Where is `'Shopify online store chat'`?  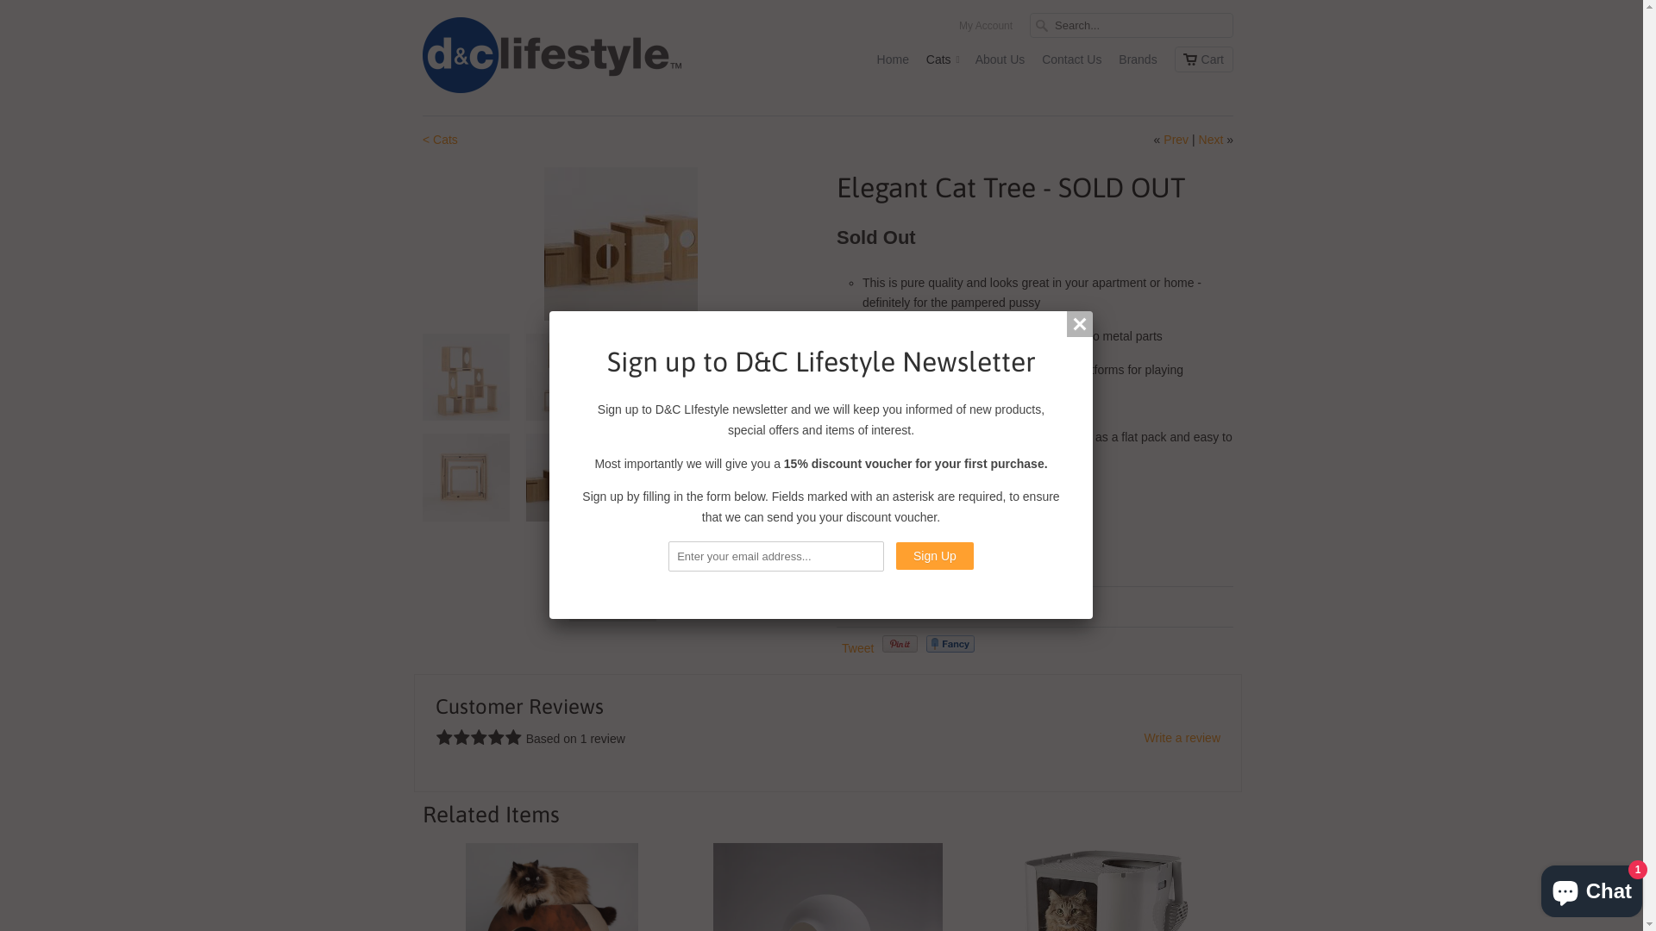
'Shopify online store chat' is located at coordinates (1590, 887).